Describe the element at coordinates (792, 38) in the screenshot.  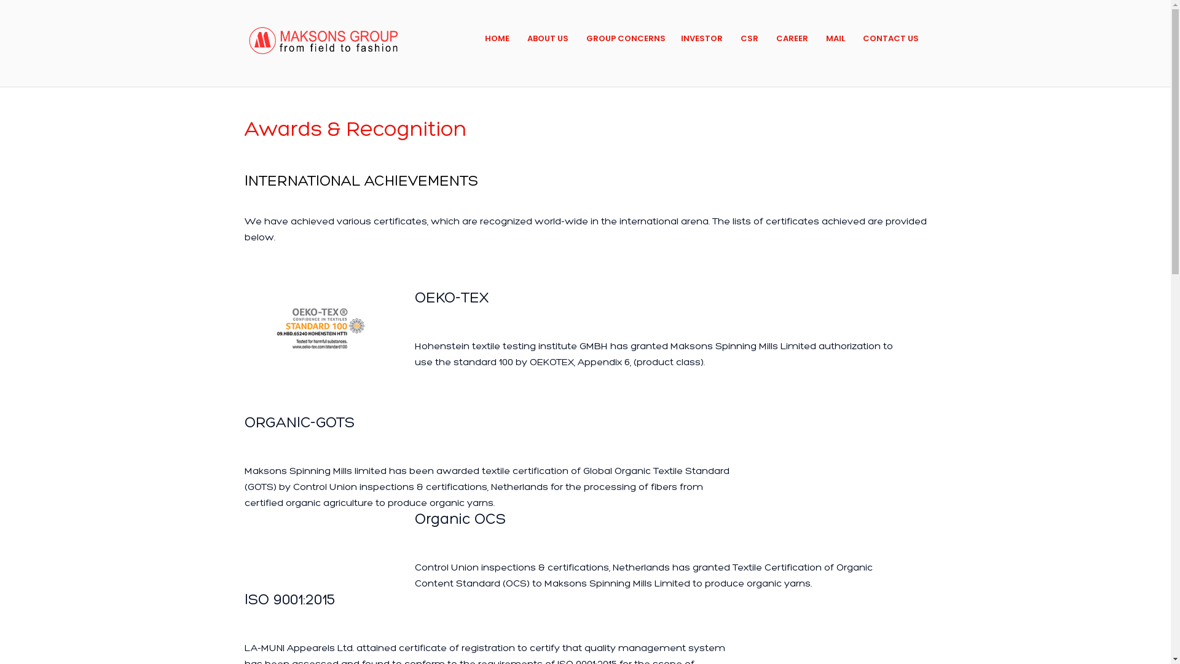
I see `'CAREER'` at that location.